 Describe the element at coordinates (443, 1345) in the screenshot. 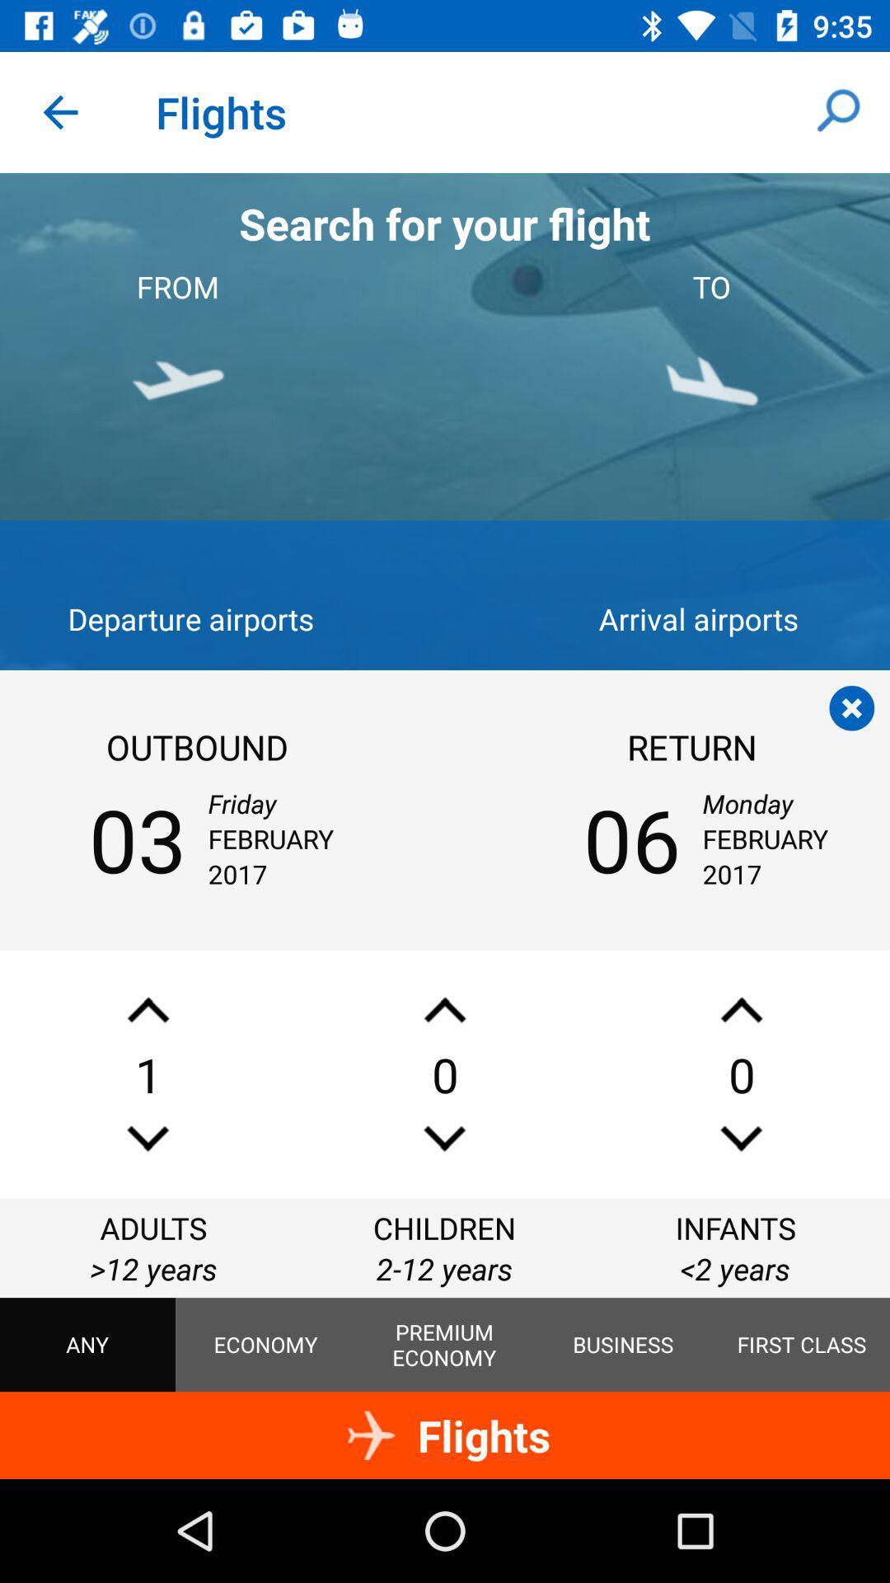

I see `the icon below the 2-12 years` at that location.